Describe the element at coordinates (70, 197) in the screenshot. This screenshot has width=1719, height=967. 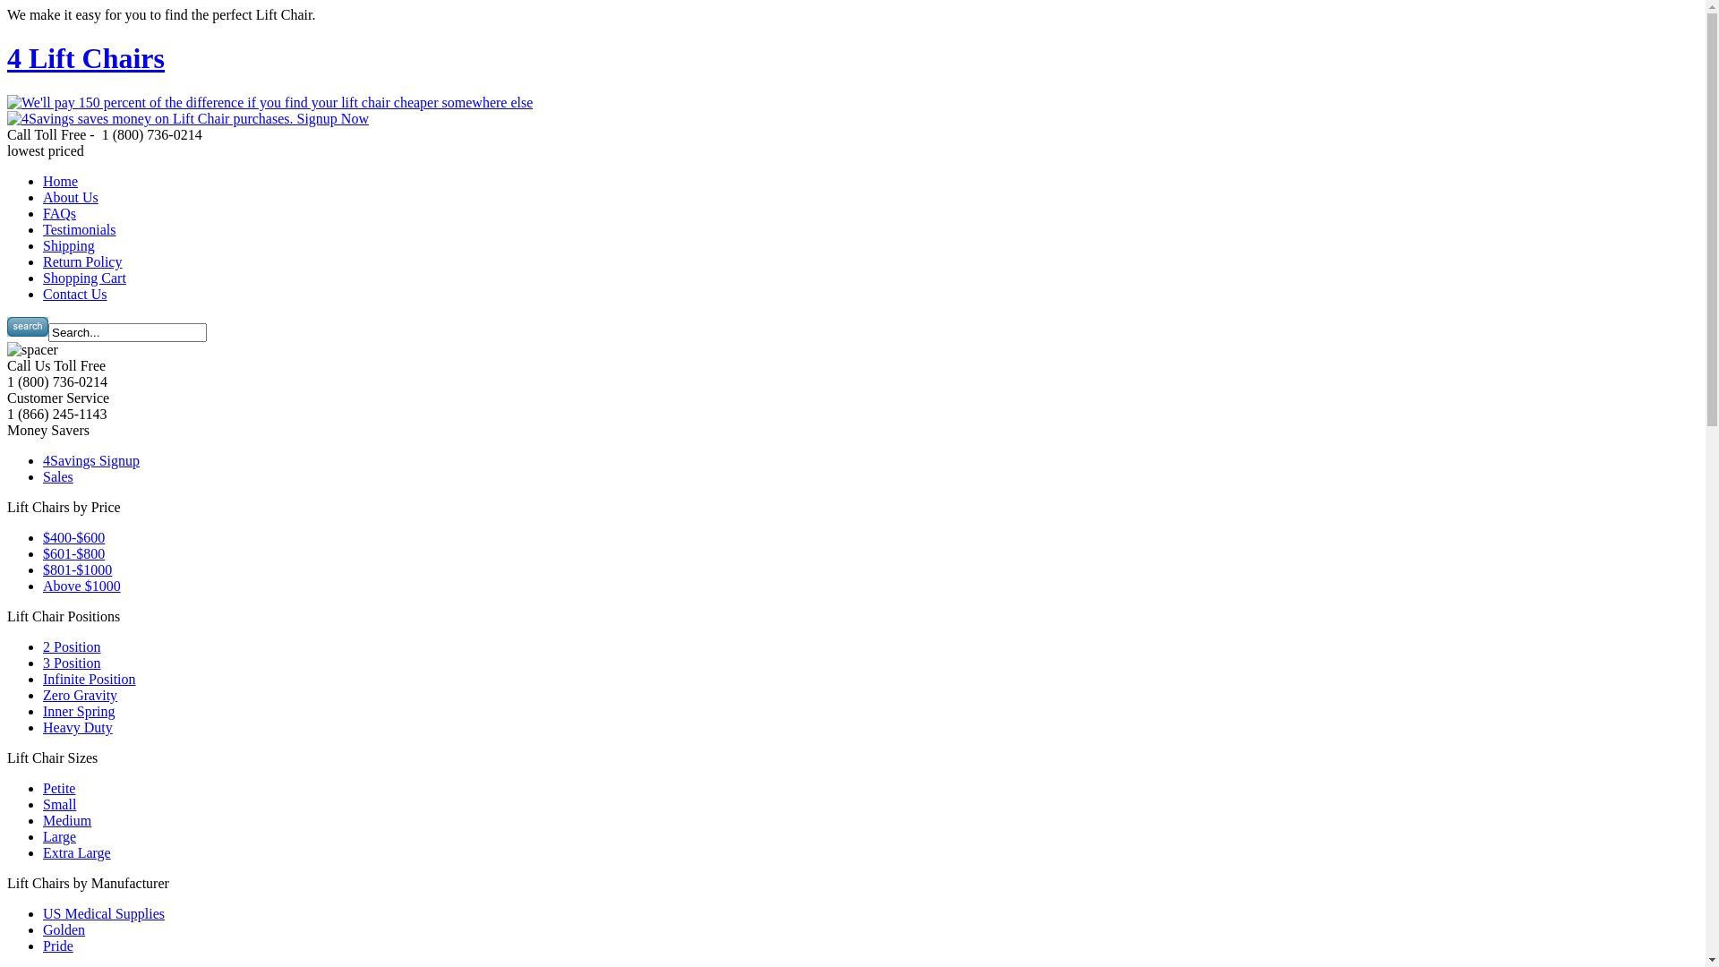
I see `'About Us'` at that location.